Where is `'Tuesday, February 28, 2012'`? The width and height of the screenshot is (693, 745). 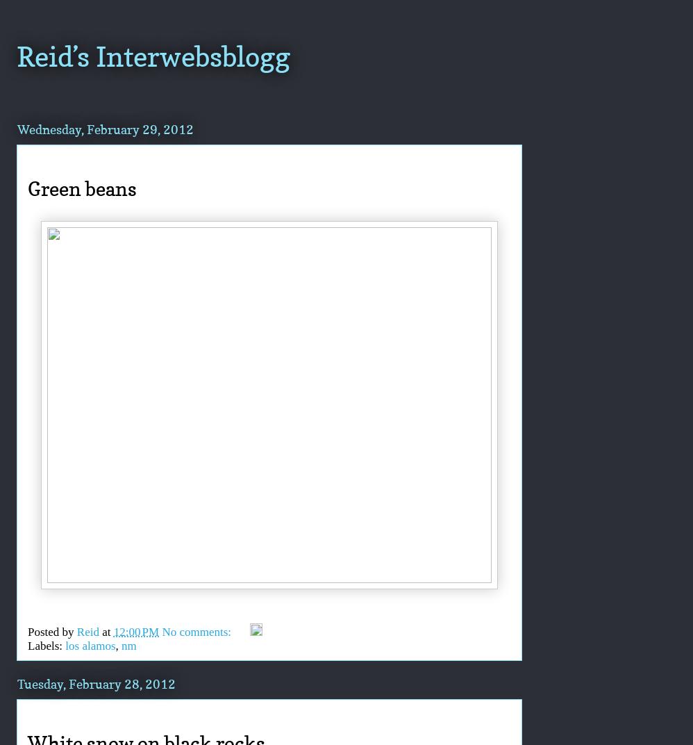
'Tuesday, February 28, 2012' is located at coordinates (97, 682).